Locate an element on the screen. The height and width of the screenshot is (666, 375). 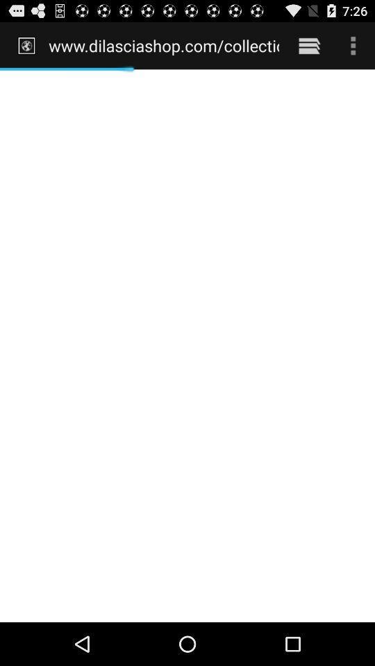
the icon below www dilasciashop com item is located at coordinates (187, 345).